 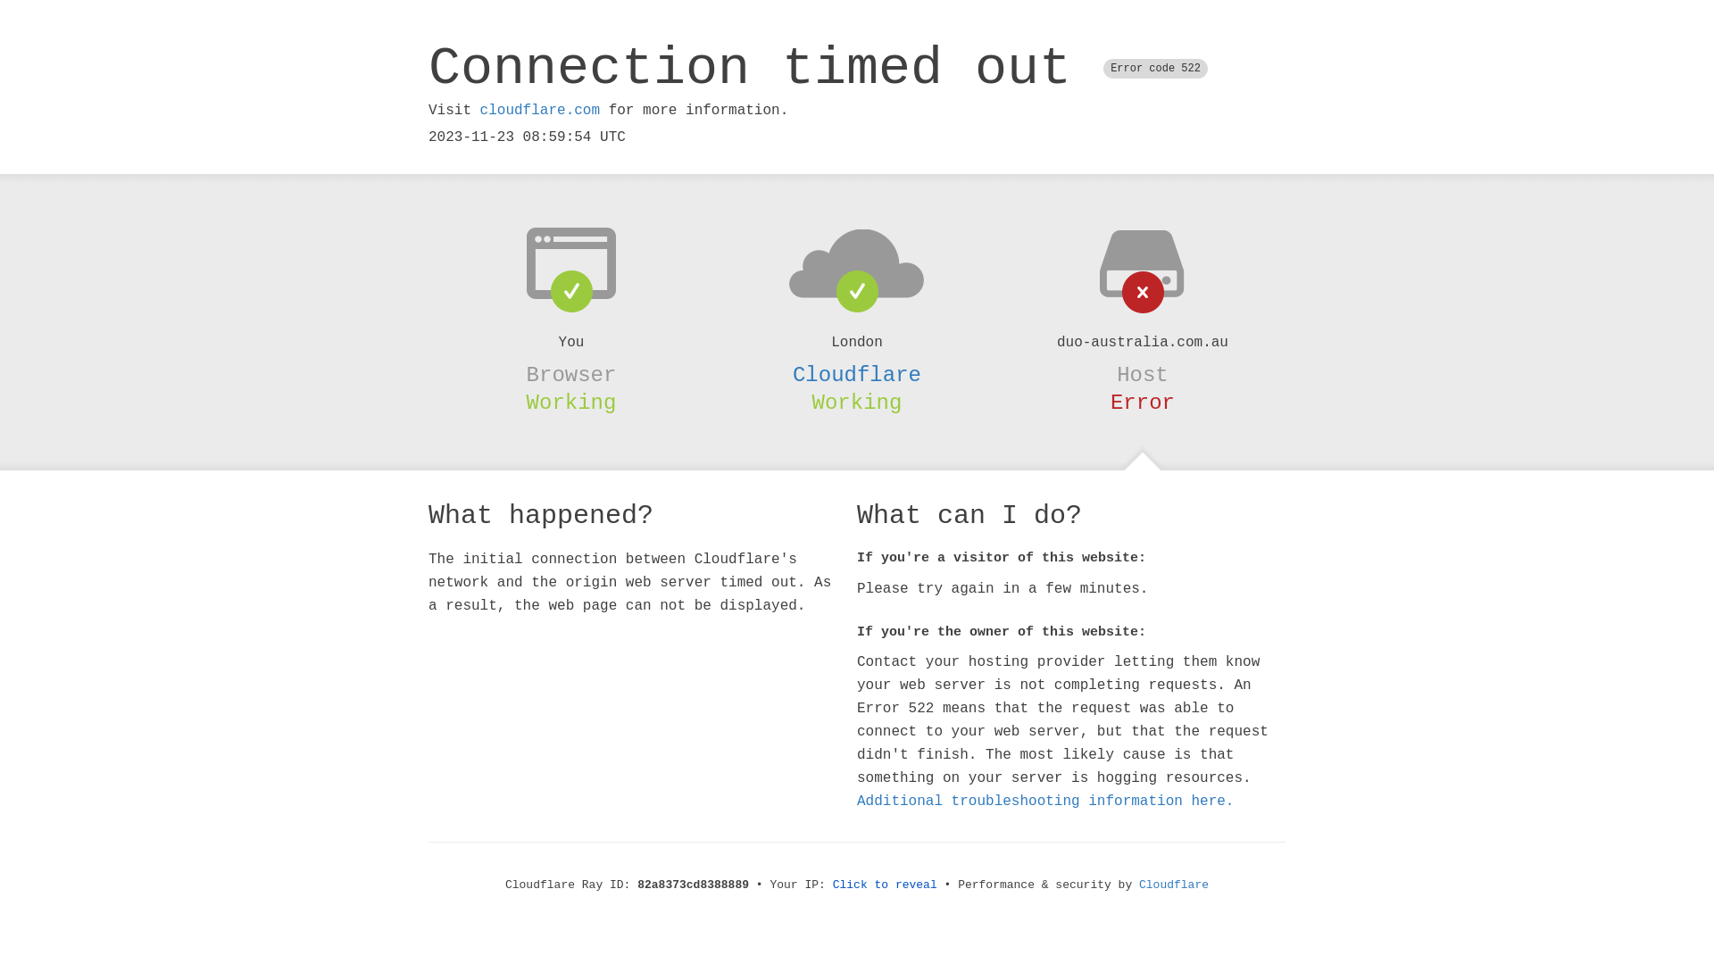 What do you see at coordinates (1174, 885) in the screenshot?
I see `'Cloudflare'` at bounding box center [1174, 885].